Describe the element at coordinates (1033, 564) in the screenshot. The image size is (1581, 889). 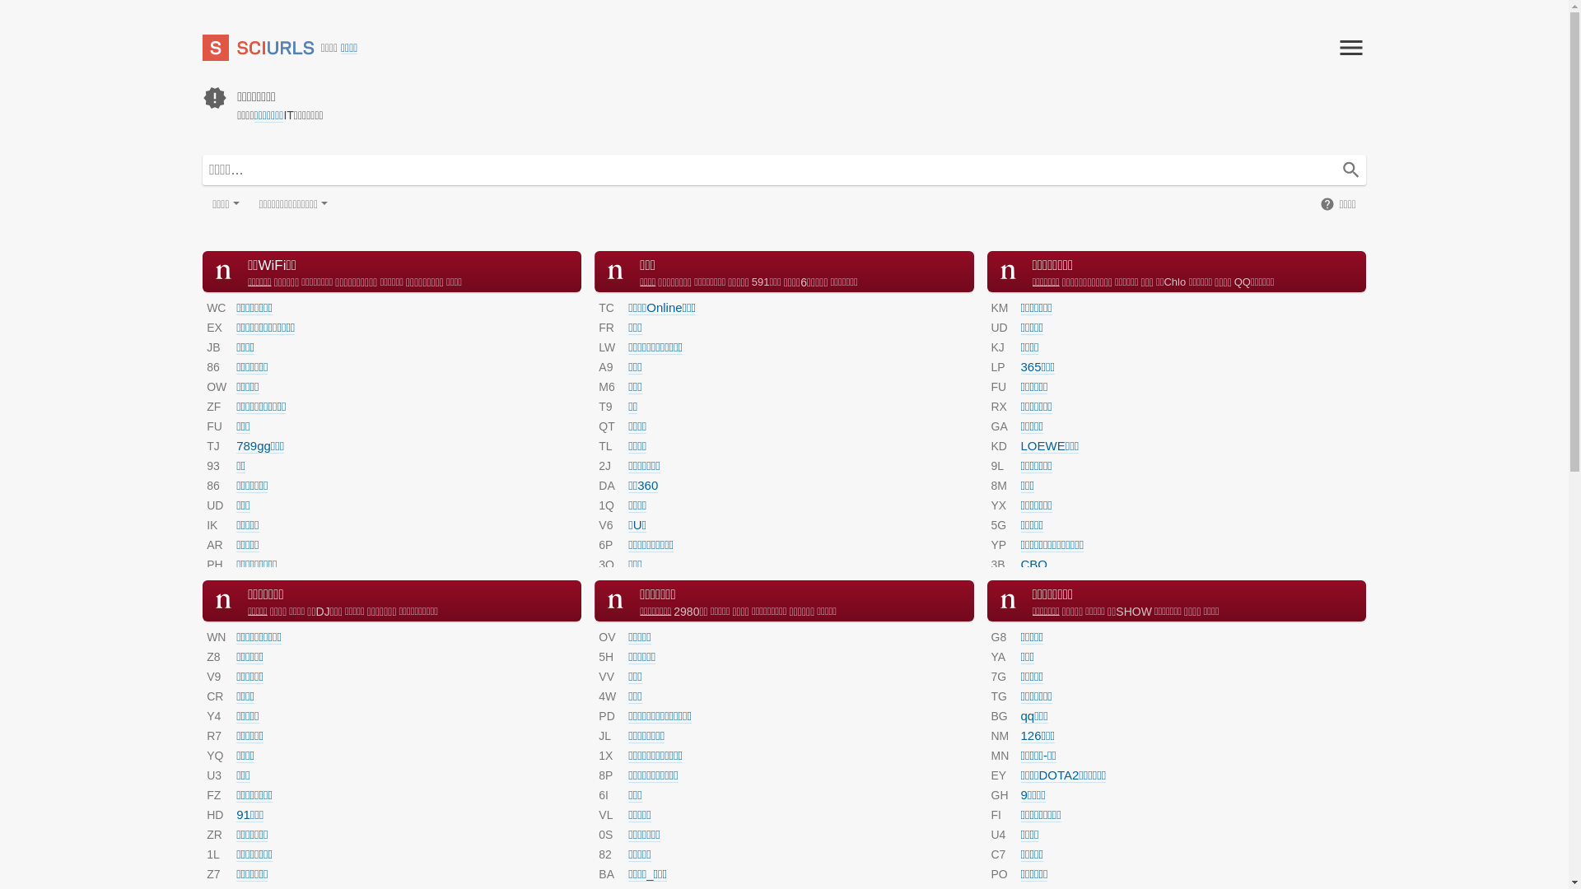
I see `'CBO'` at that location.